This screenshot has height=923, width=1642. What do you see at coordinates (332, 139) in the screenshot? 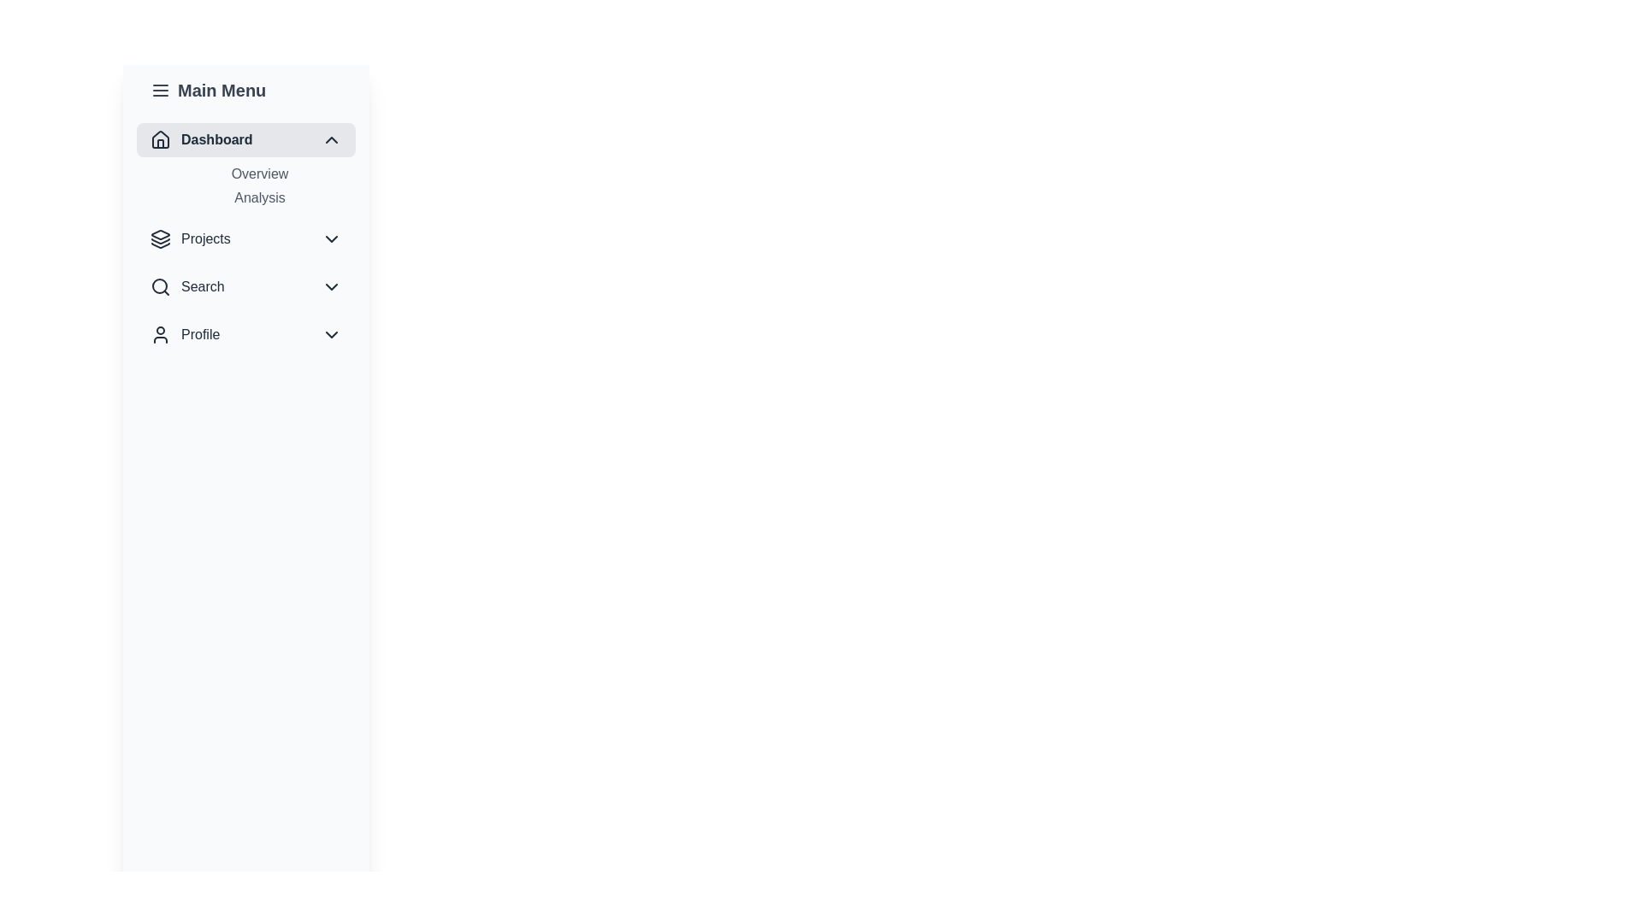
I see `the chevron icon at the far right of the 'Dashboard' menu` at bounding box center [332, 139].